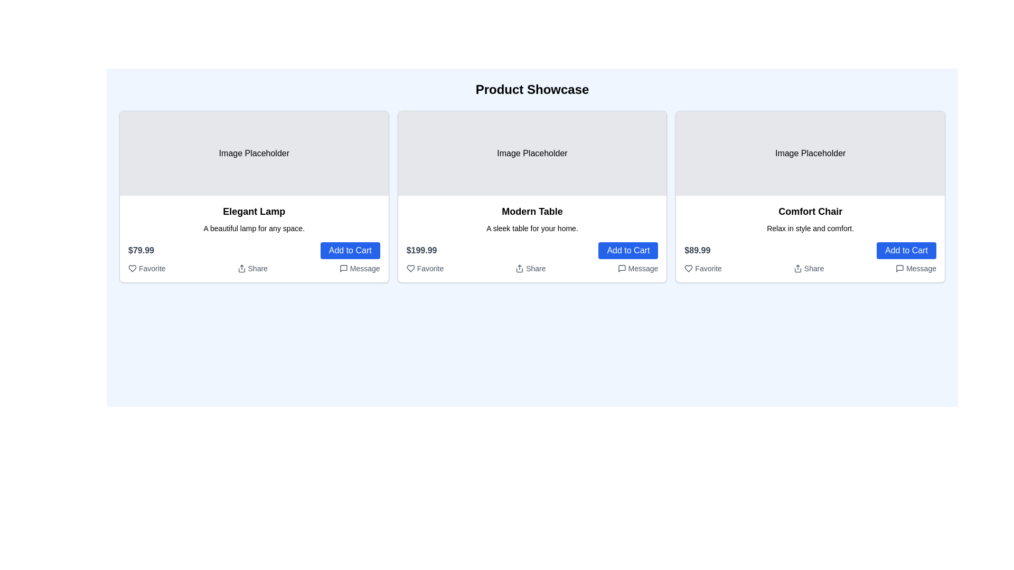 Image resolution: width=1014 pixels, height=570 pixels. Describe the element at coordinates (532, 153) in the screenshot. I see `the light gray rectangular block labeled 'Image Placeholder' that is centered above the title 'Modern Table' in the top center card of a three-card layout` at that location.